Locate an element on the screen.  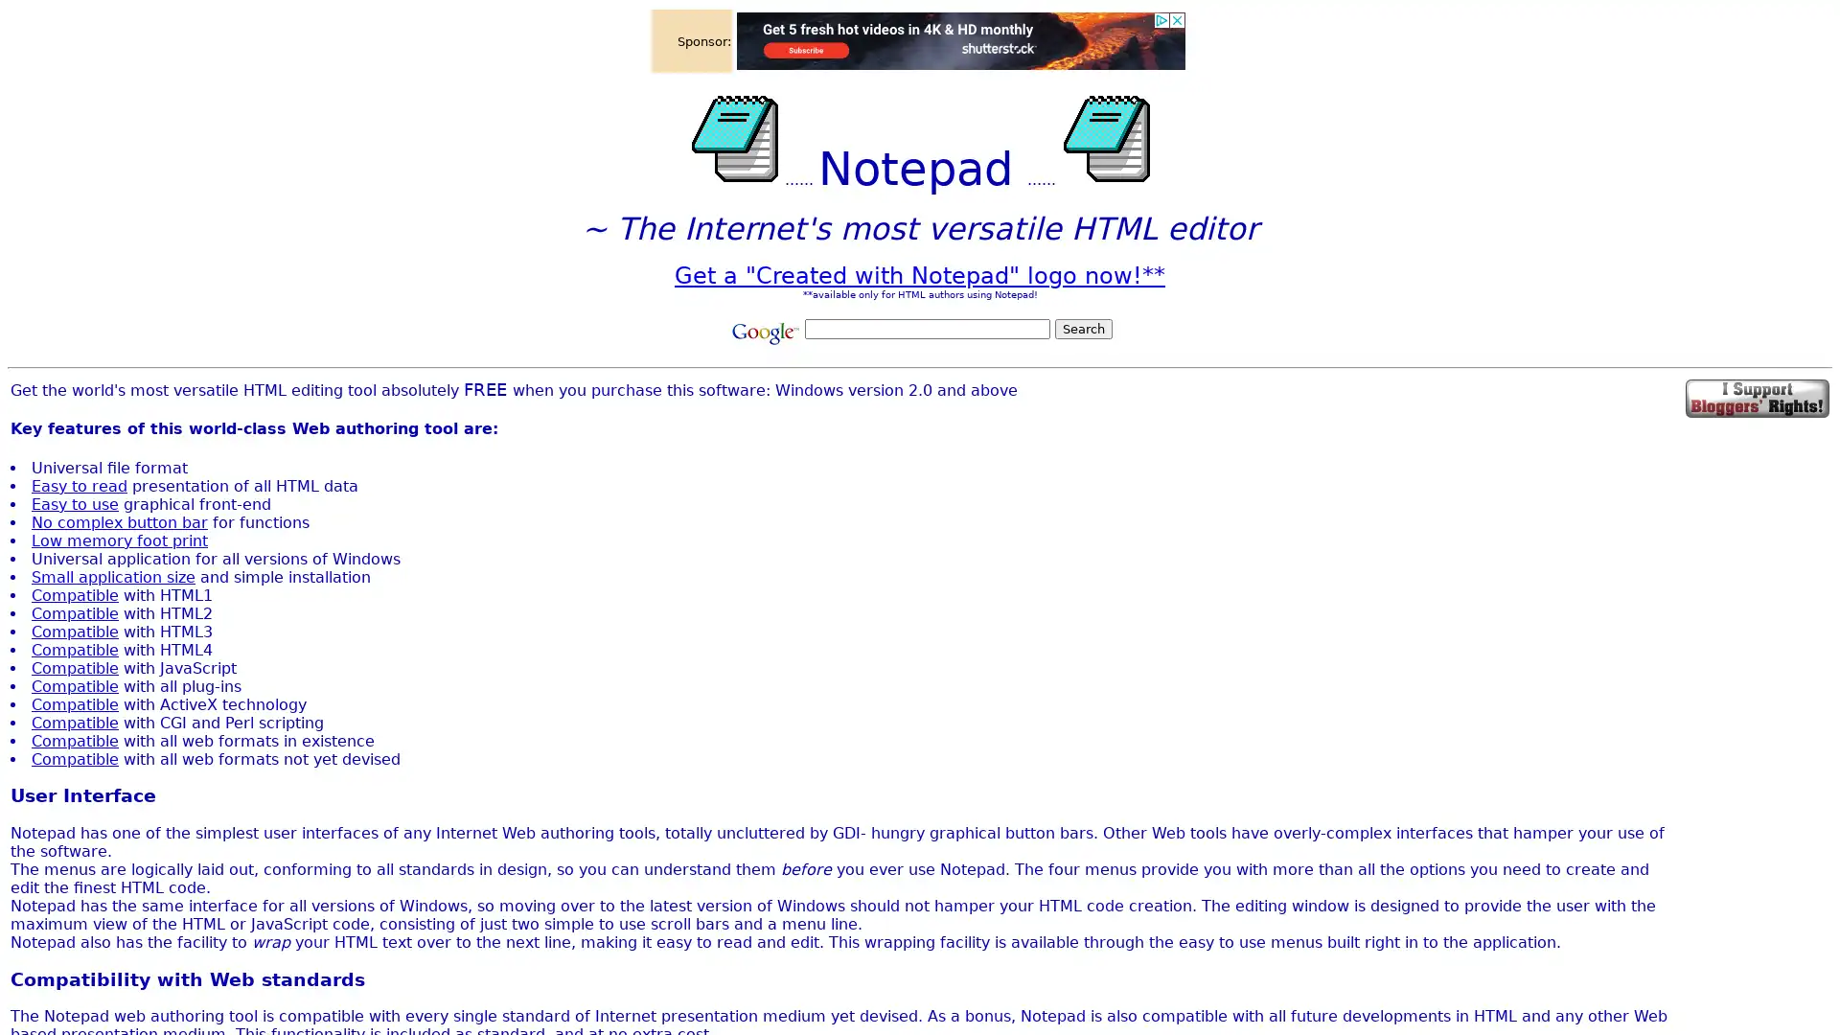
Search is located at coordinates (1082, 328).